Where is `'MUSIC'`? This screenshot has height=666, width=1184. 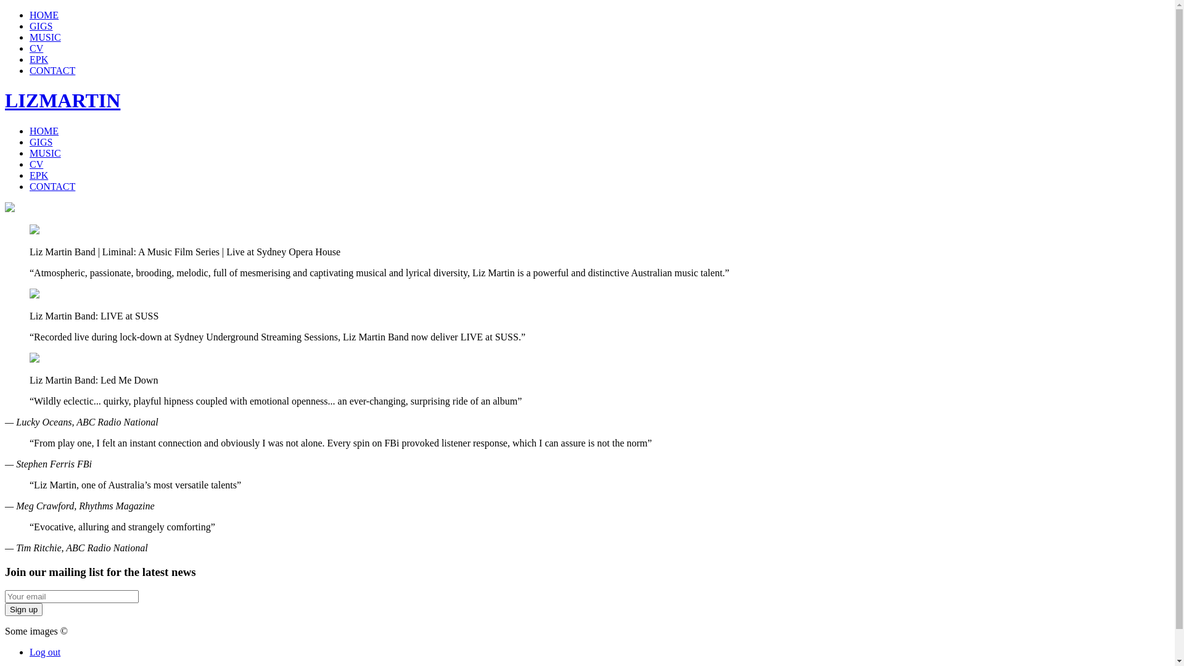 'MUSIC' is located at coordinates (45, 152).